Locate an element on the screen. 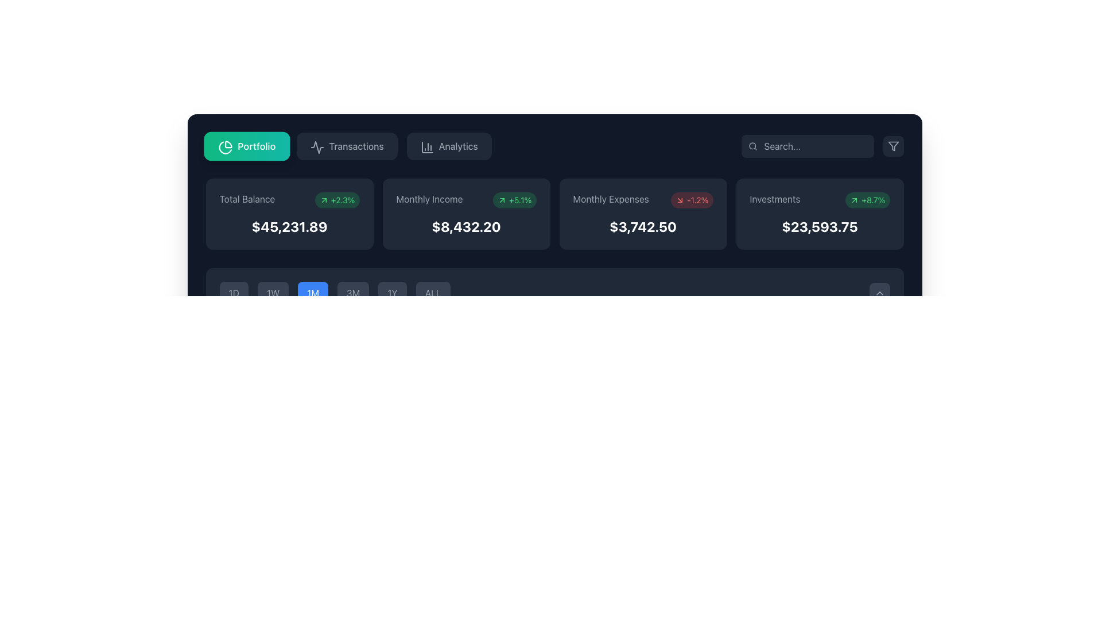  the label indicating the percentage increase under the 'Total Balance' section on the dashboard, located in the top-right corner above the total balance value is located at coordinates (336, 199).